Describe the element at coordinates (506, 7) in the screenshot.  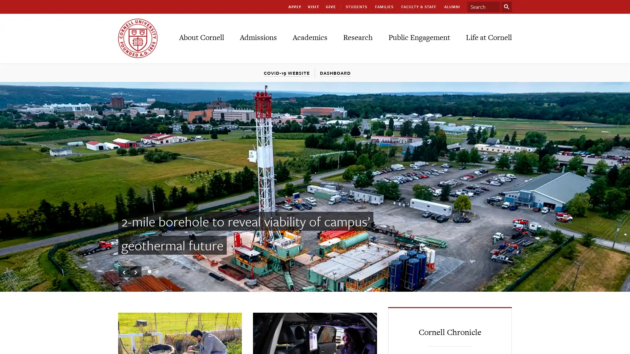
I see `Search` at that location.